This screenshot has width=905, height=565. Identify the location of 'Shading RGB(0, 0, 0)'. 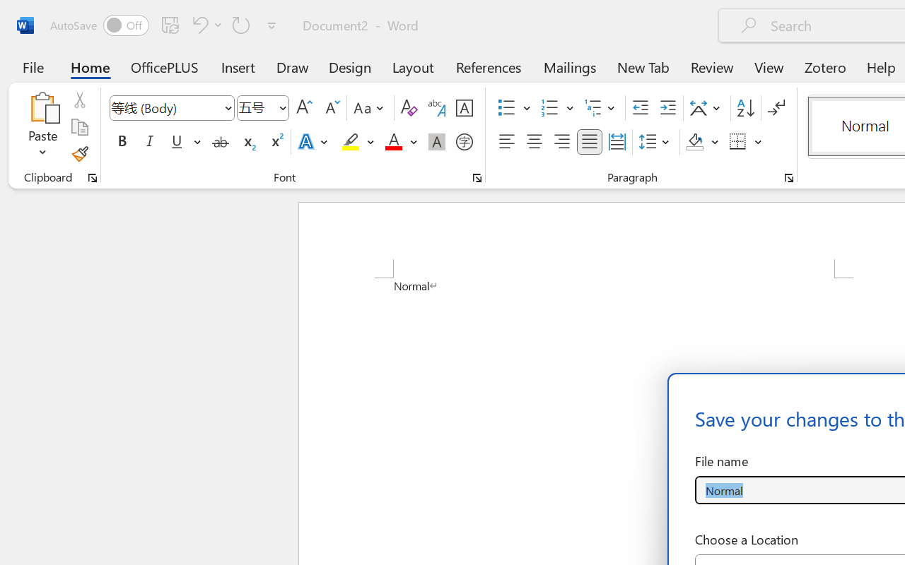
(695, 142).